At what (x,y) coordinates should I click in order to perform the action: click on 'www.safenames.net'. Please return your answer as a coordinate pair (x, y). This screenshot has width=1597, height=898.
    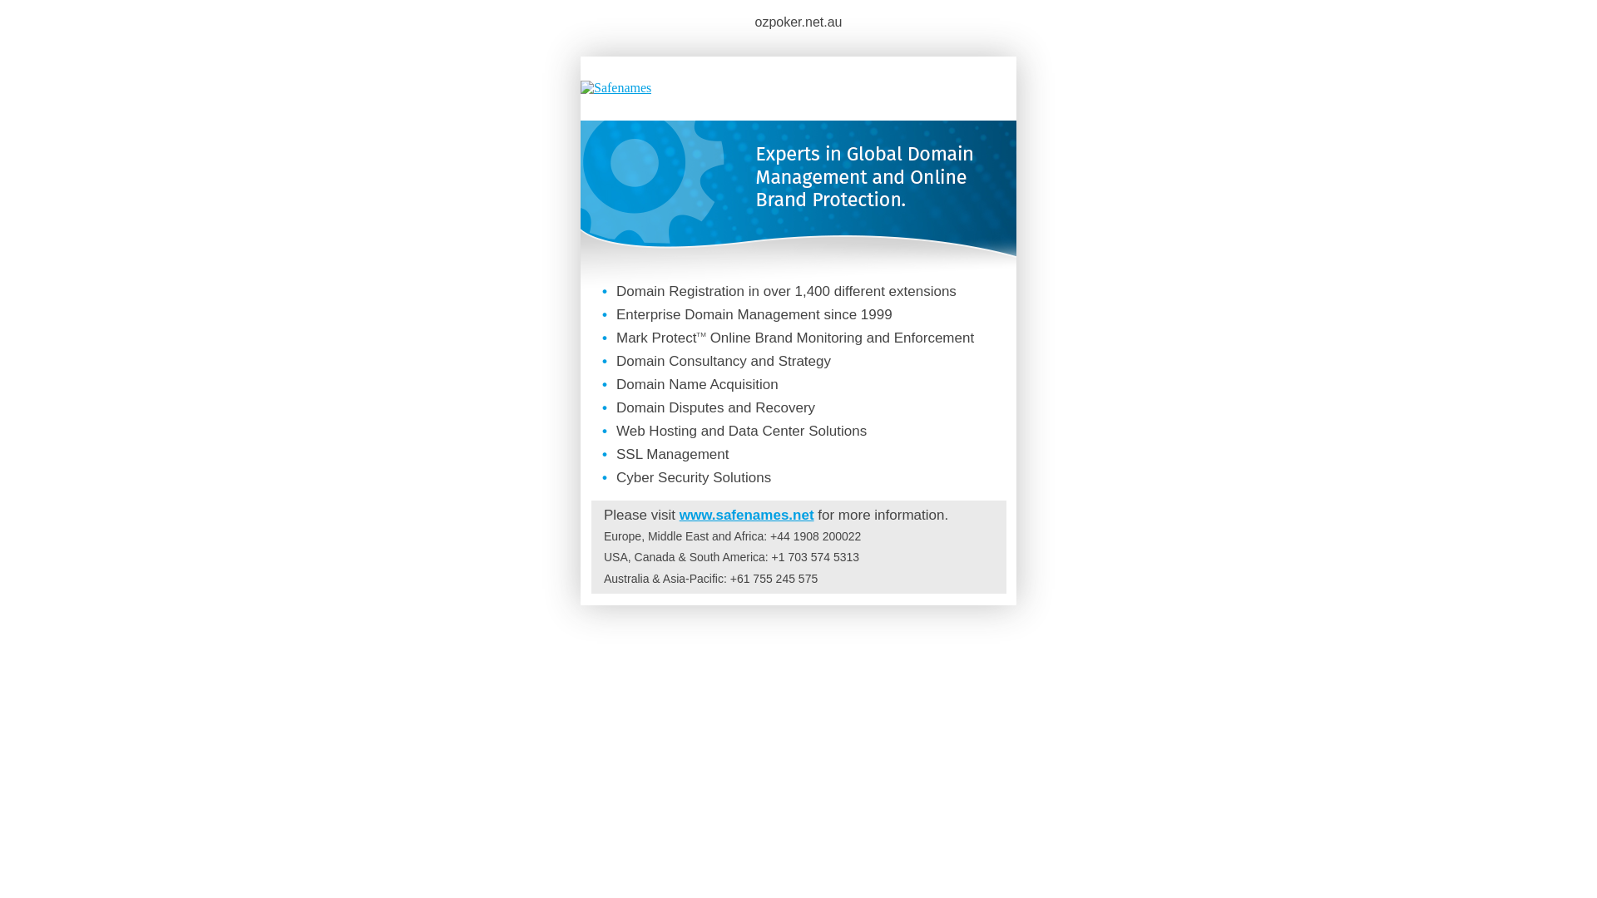
    Looking at the image, I should click on (745, 514).